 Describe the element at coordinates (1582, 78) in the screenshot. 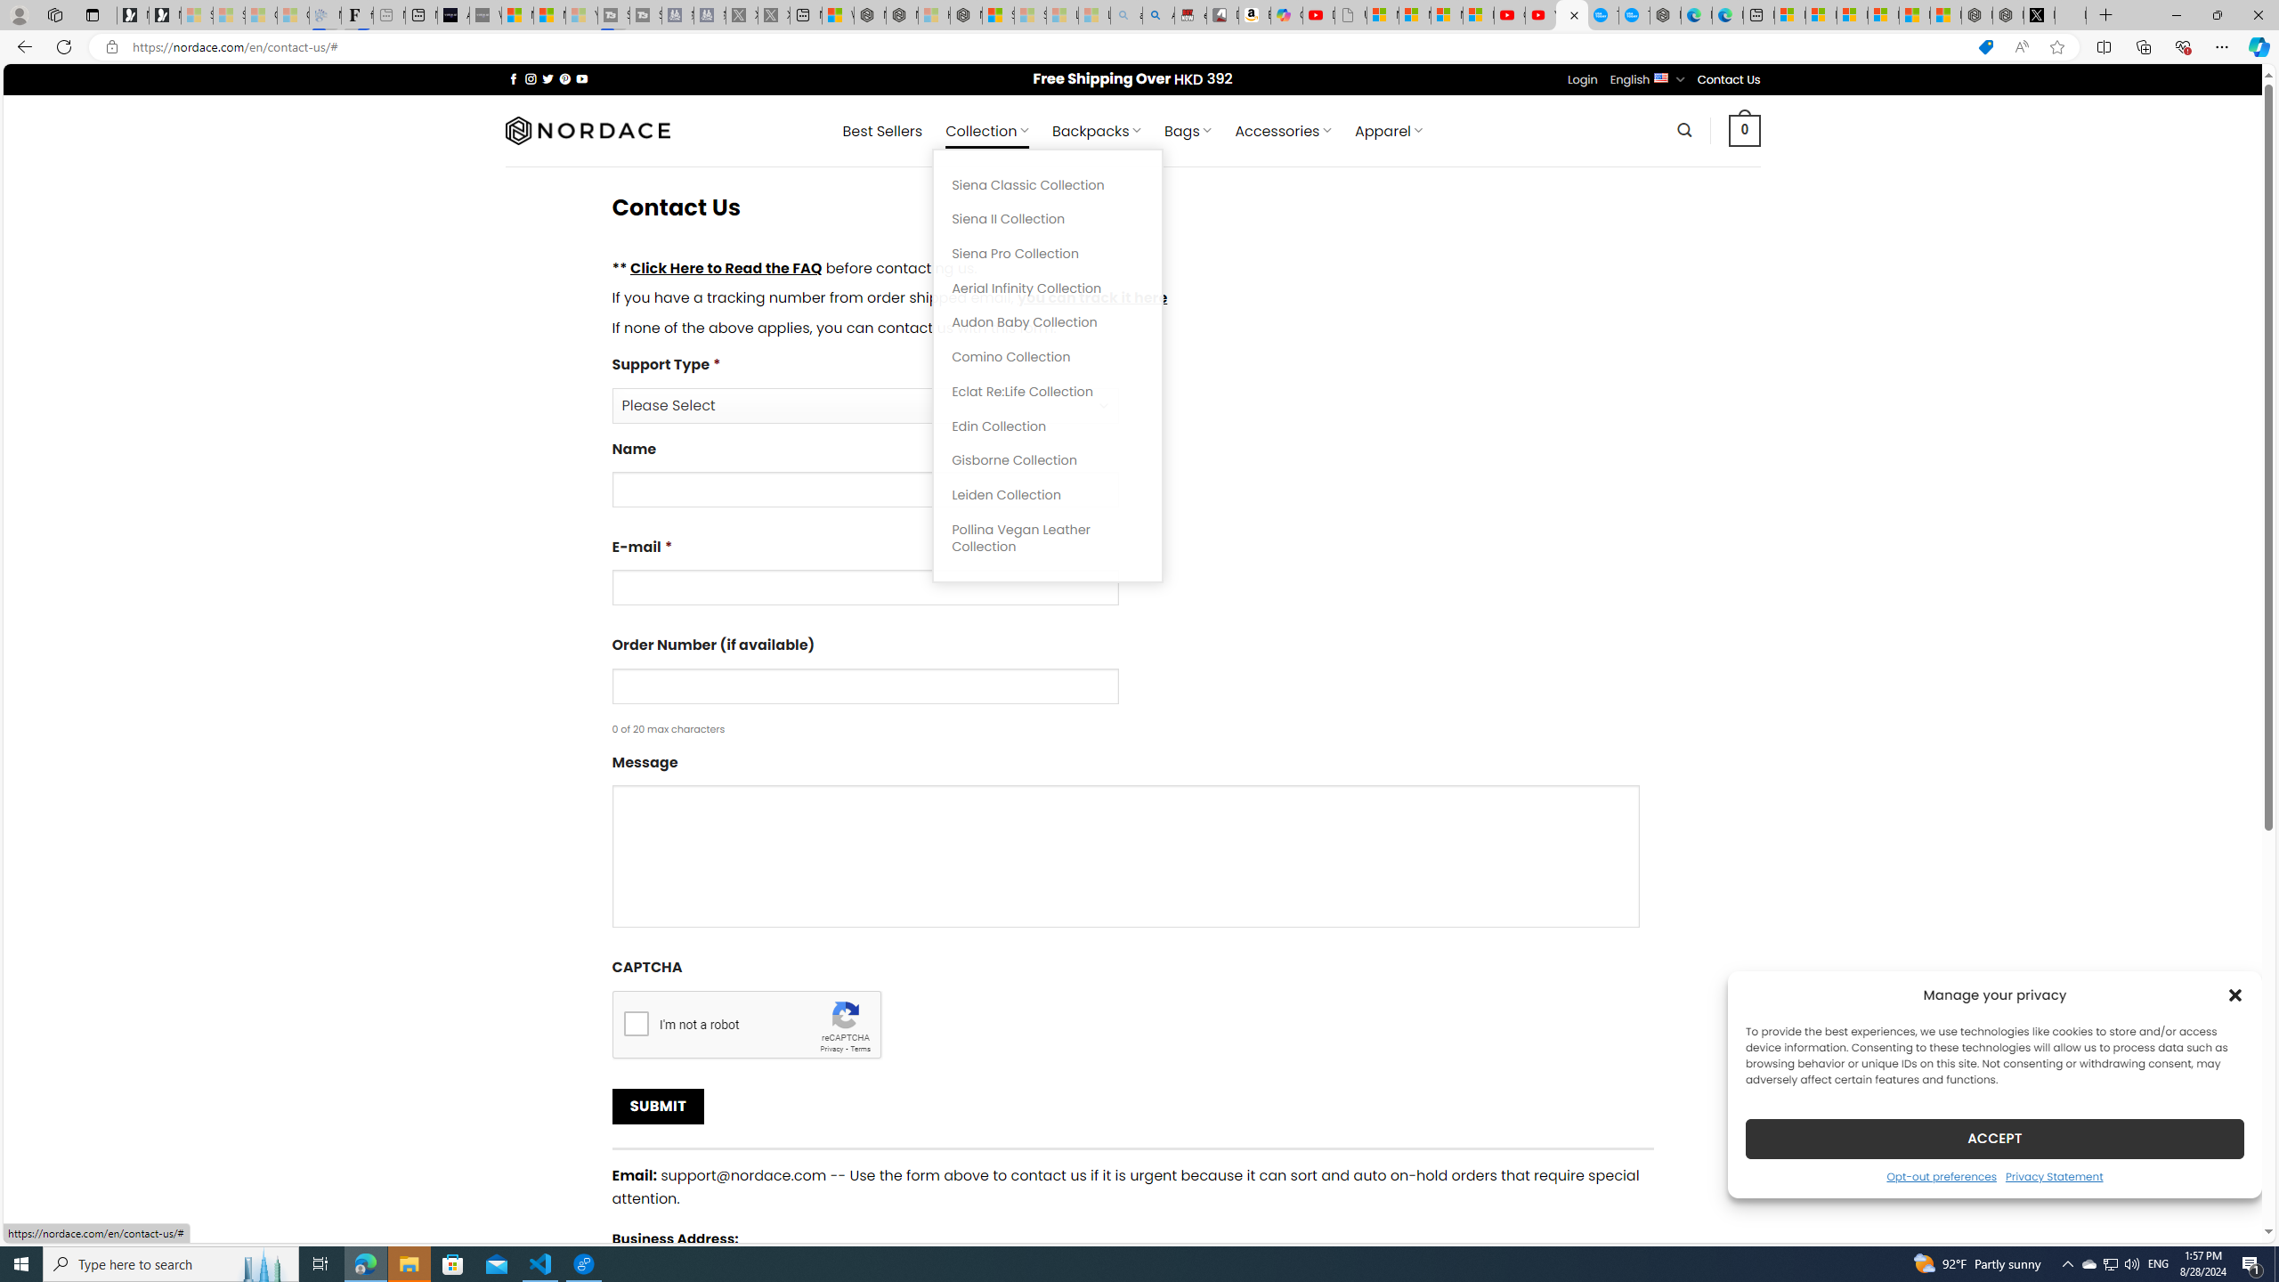

I see `'Login'` at that location.